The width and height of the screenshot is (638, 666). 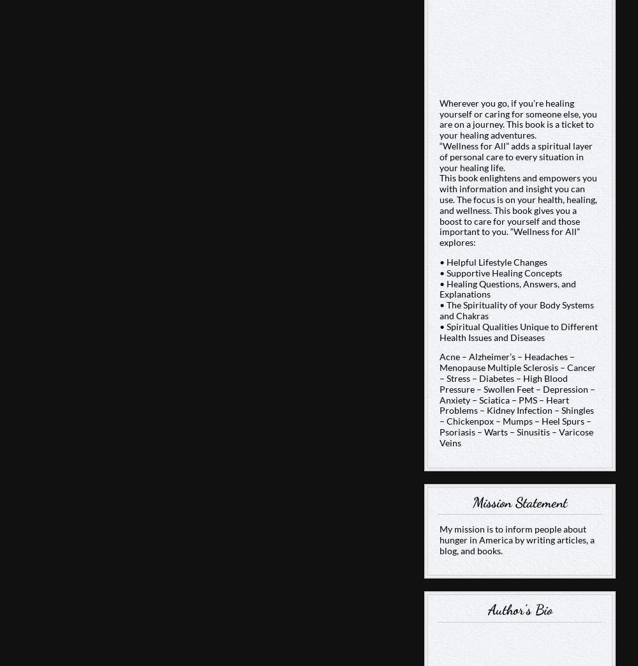 I want to click on '• The Spirituality of your Body Systems and Chakras', so click(x=516, y=309).